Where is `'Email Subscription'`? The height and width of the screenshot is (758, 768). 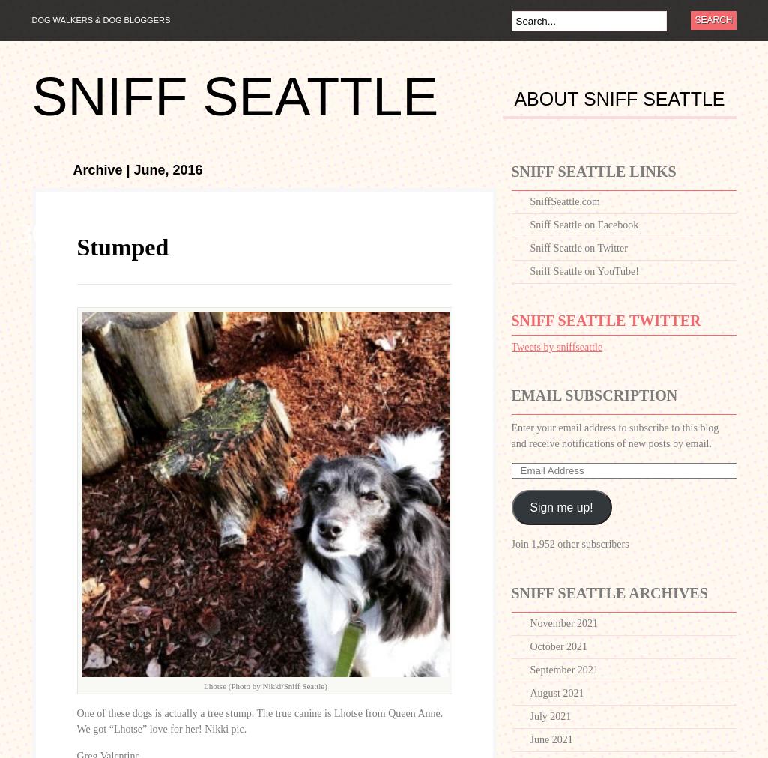
'Email Subscription' is located at coordinates (593, 394).